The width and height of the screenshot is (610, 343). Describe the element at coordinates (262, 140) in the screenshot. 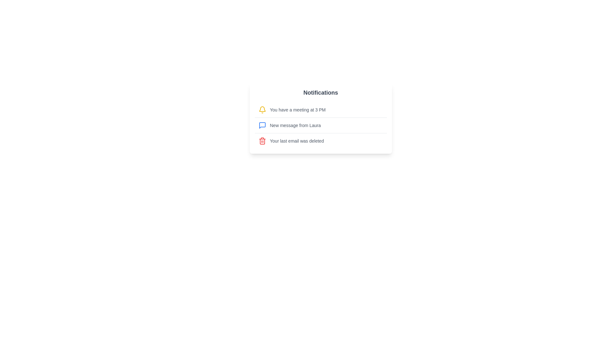

I see `the trash bin icon located in the third notification item of the Notifications list, which is red in color and positioned left of the text 'Your last email was deleted'` at that location.